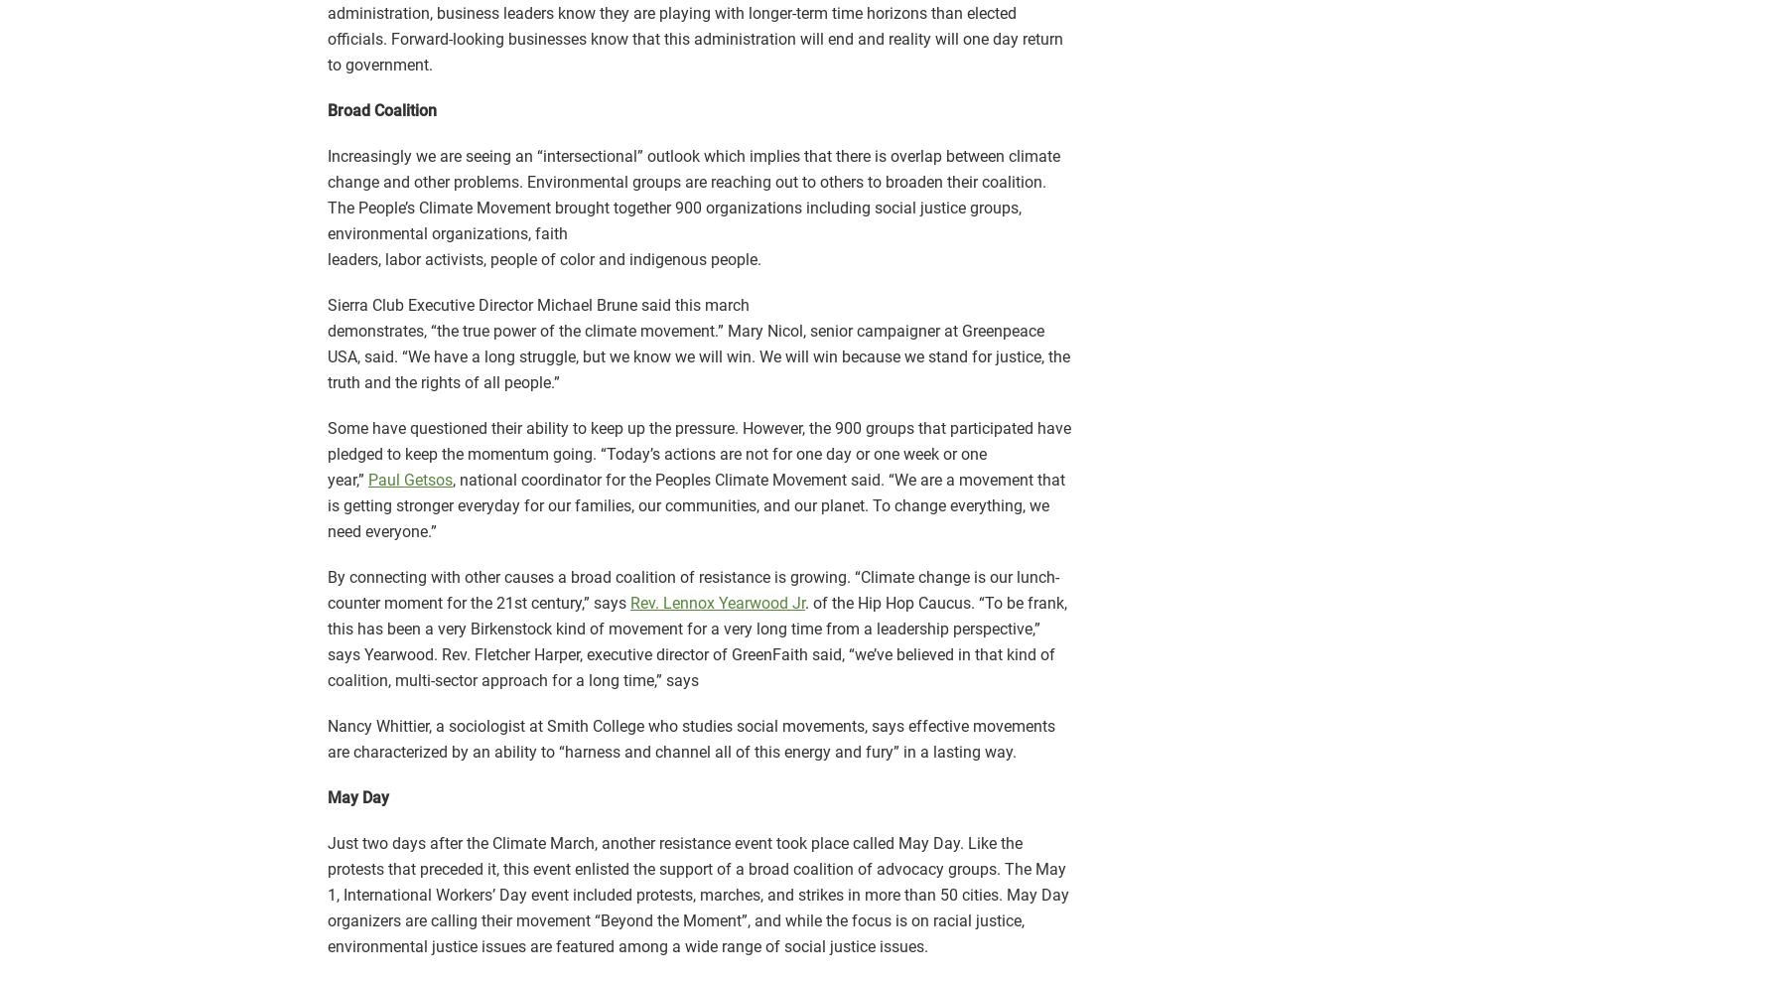 Image resolution: width=1787 pixels, height=981 pixels. What do you see at coordinates (326, 110) in the screenshot?
I see `'Broad Coalition'` at bounding box center [326, 110].